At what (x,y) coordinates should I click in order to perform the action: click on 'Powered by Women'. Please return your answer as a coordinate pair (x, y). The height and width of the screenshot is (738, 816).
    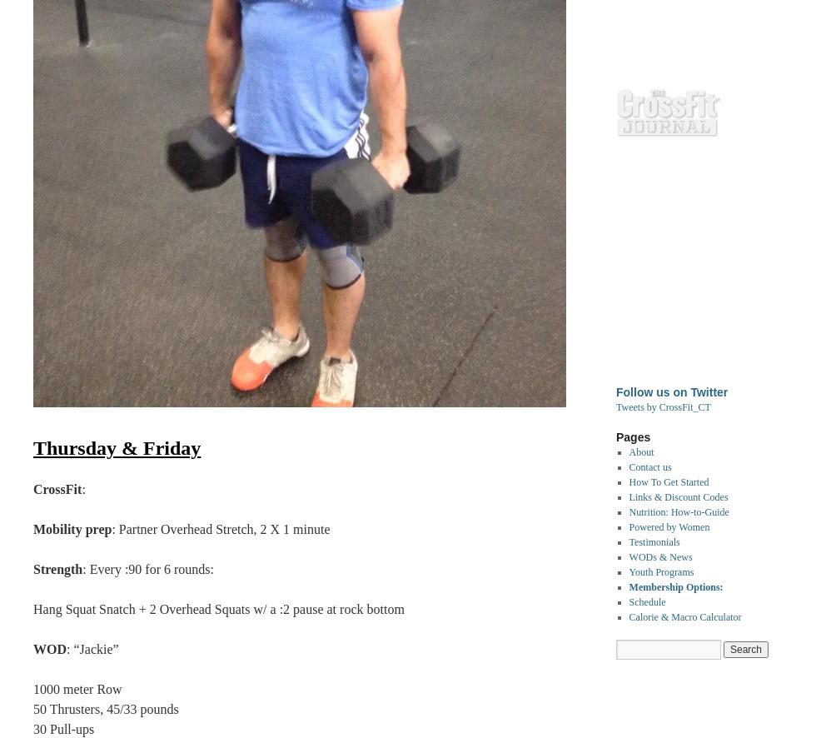
    Looking at the image, I should click on (628, 526).